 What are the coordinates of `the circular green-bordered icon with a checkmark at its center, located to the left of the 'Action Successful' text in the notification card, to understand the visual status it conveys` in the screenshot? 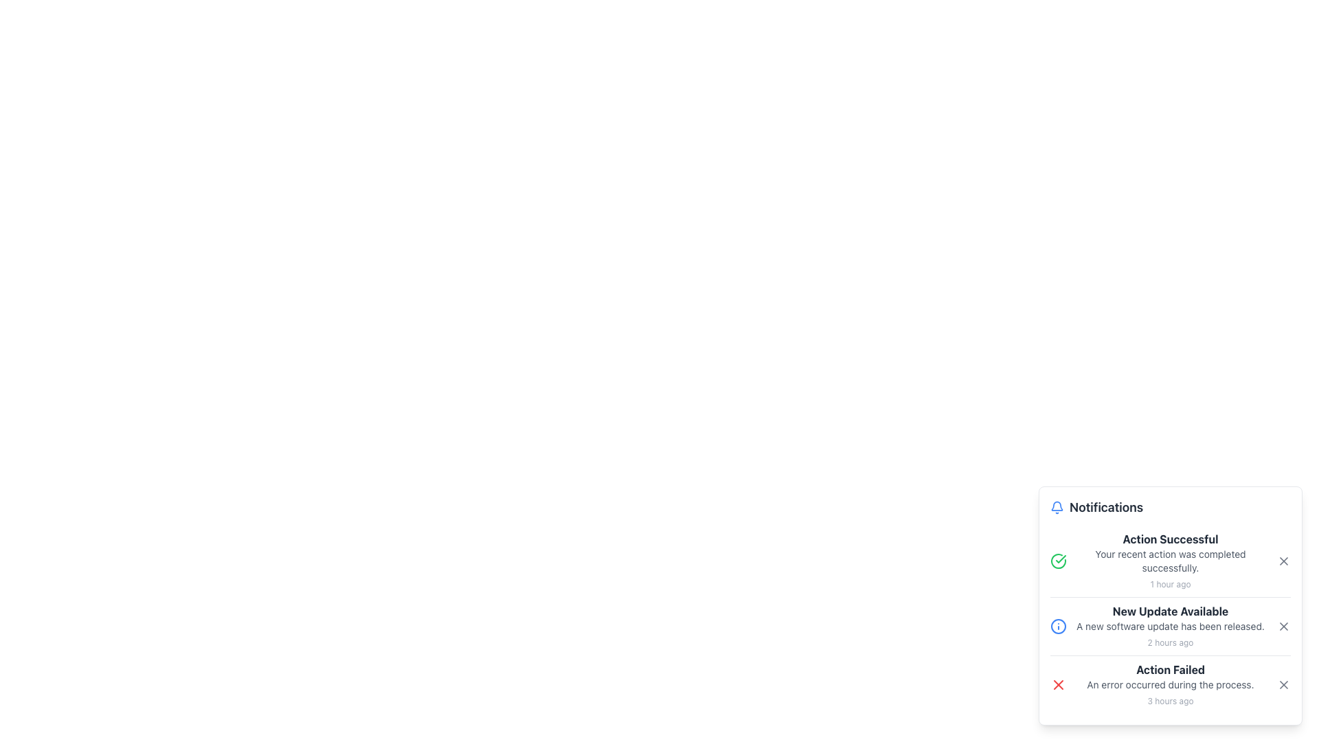 It's located at (1057, 561).